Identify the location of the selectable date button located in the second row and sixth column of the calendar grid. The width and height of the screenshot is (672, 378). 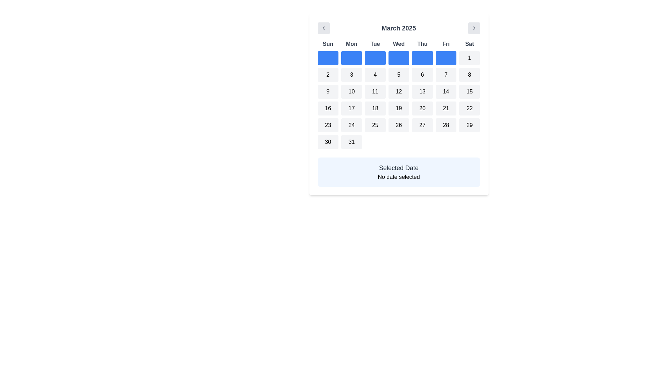
(446, 75).